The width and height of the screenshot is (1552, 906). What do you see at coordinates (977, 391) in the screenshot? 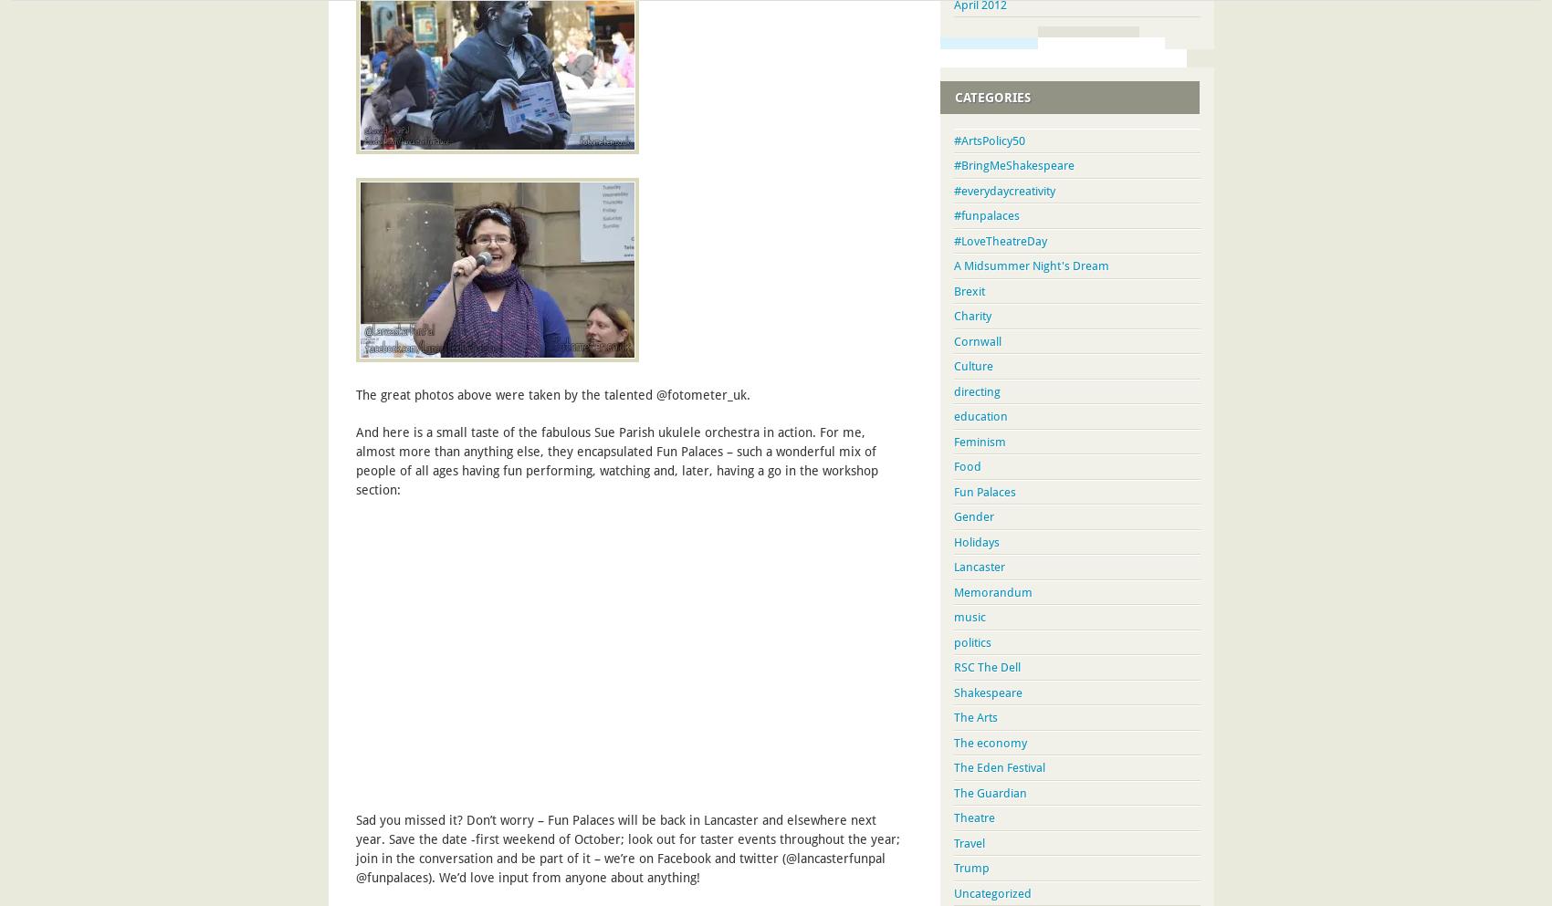
I see `'directing'` at bounding box center [977, 391].